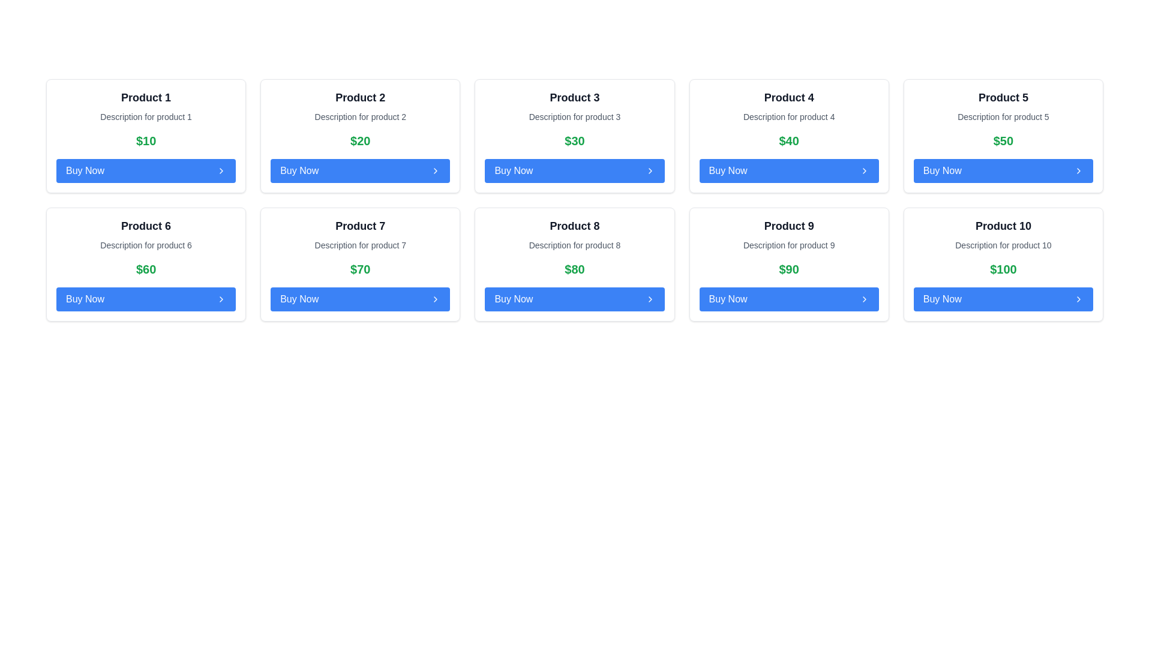  Describe the element at coordinates (1003, 244) in the screenshot. I see `static text that provides information about 'Product 10', which is located below the title and above the price in the product card` at that location.